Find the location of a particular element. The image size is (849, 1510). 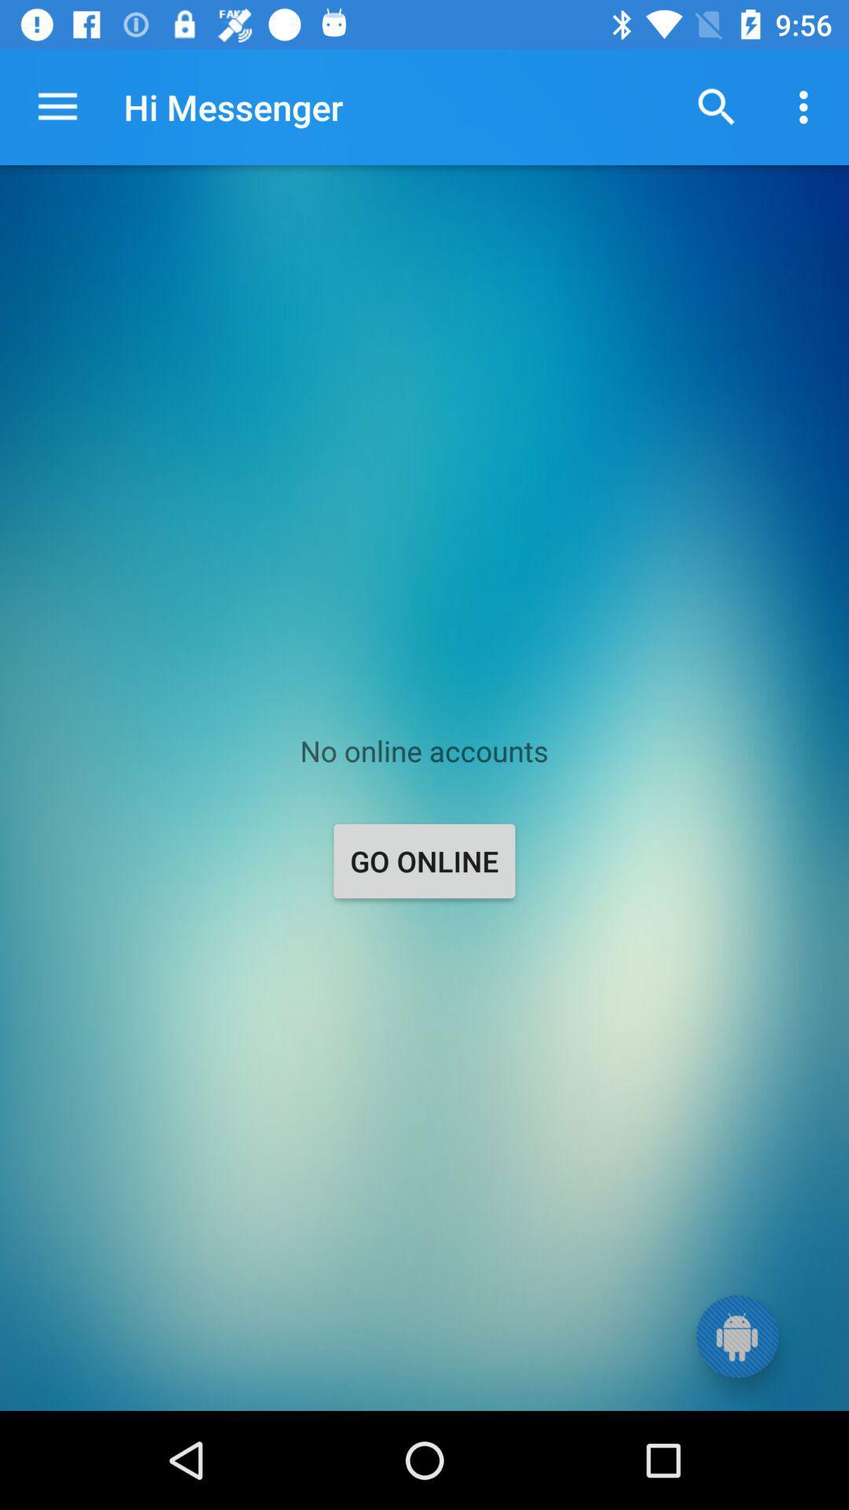

the go online item is located at coordinates (424, 860).